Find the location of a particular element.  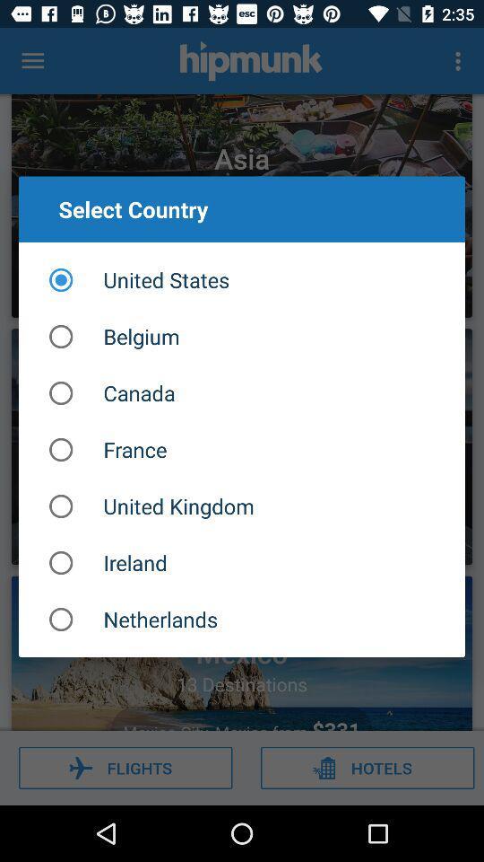

the item below ireland is located at coordinates (242, 620).